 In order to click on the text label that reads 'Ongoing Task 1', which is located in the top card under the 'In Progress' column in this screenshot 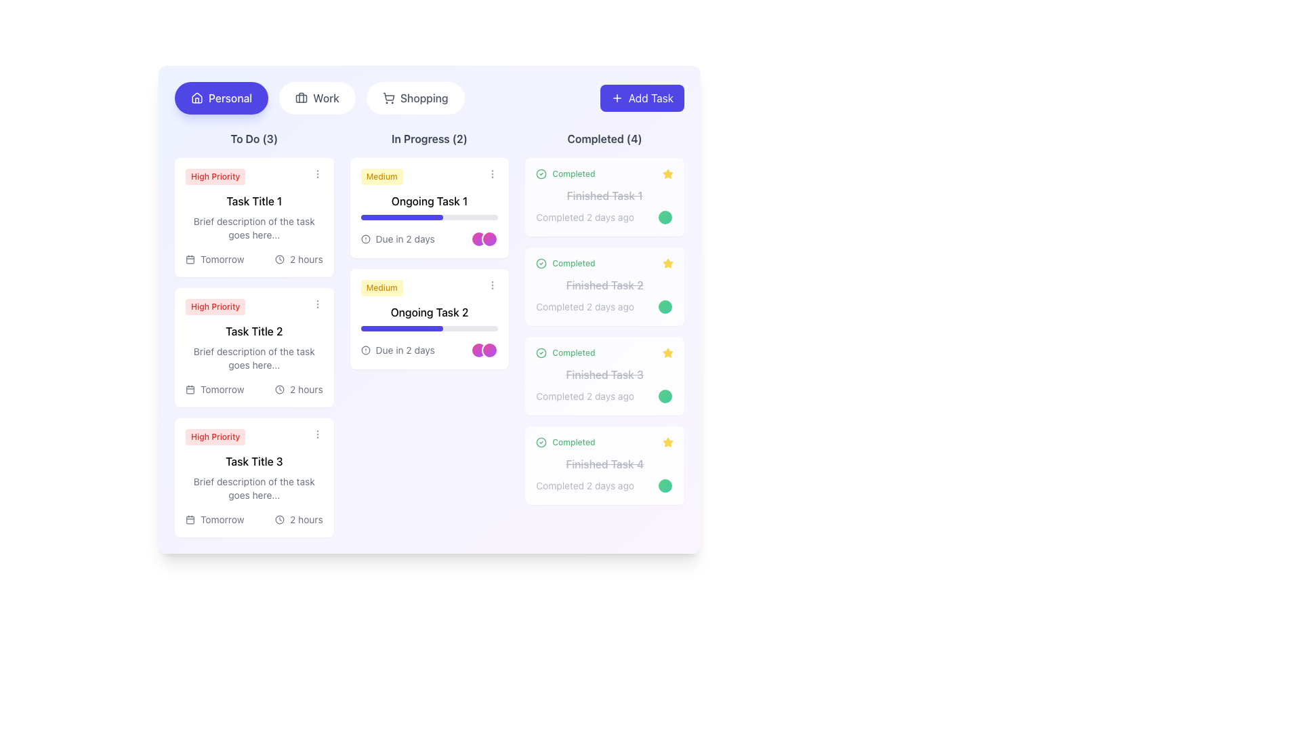, I will do `click(428, 201)`.